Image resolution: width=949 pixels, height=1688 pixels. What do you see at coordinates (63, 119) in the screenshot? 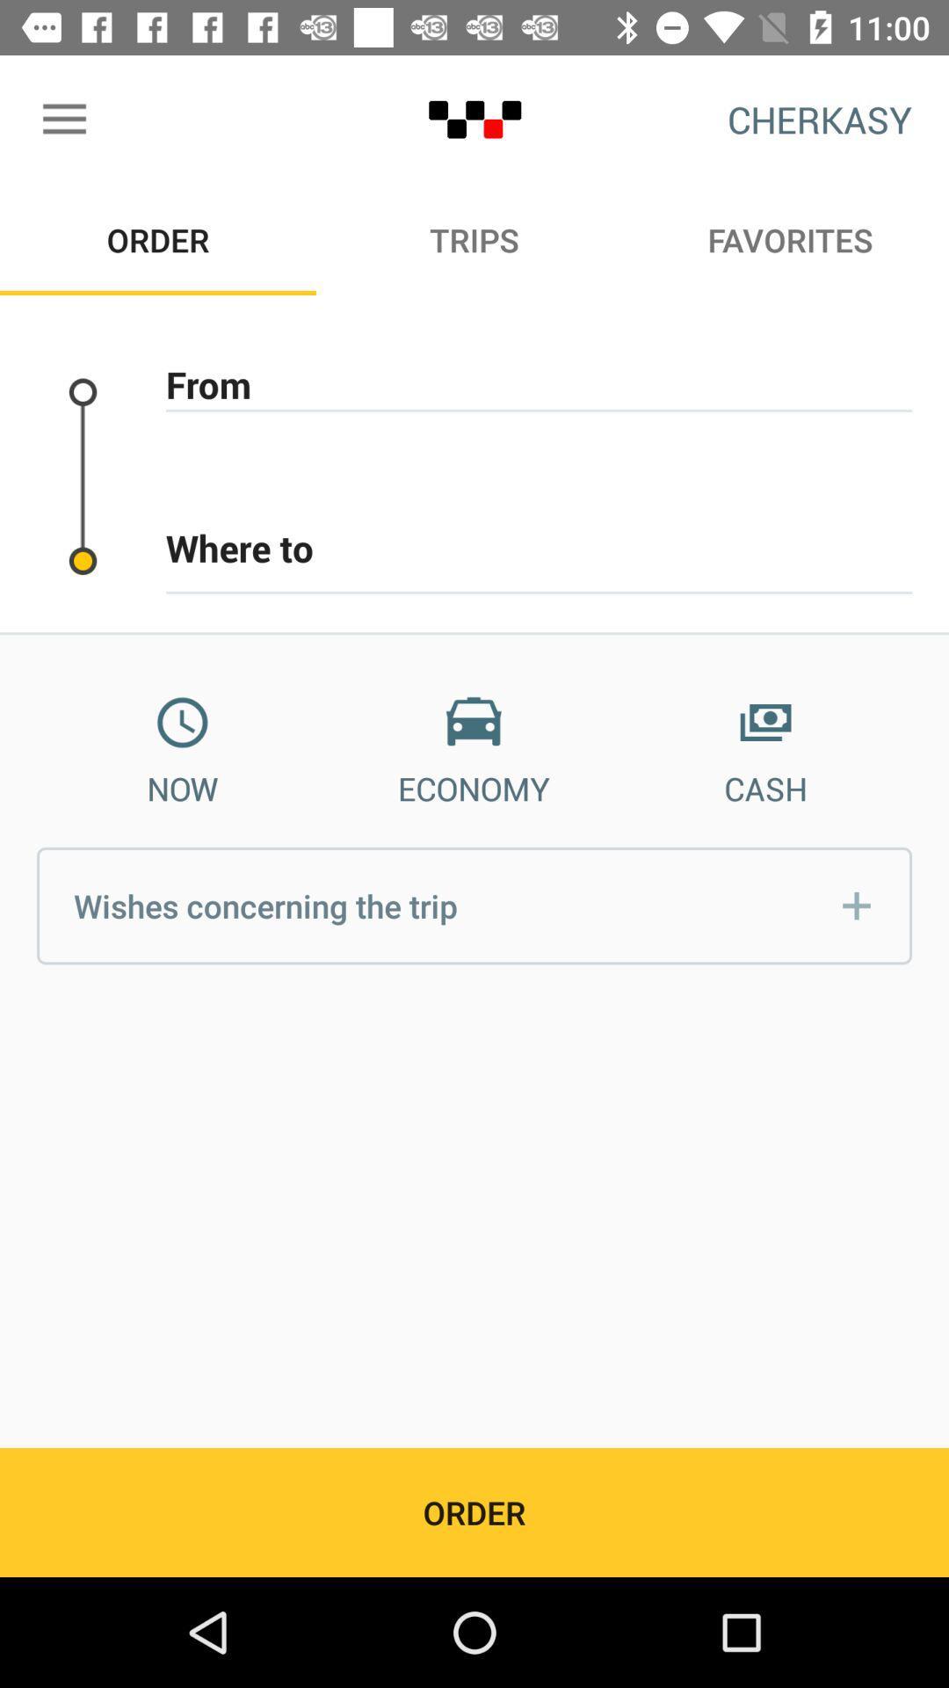
I see `the icon above order` at bounding box center [63, 119].